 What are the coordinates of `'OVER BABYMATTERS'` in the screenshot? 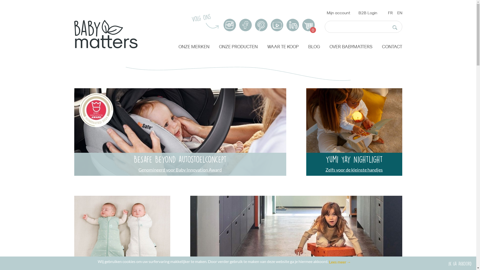 It's located at (350, 47).